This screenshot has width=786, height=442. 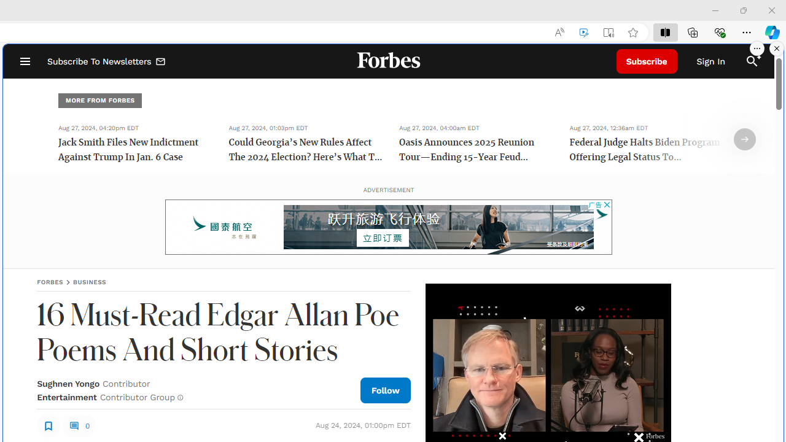 I want to click on 'Class: fs-icon fs-icon--comment', so click(x=73, y=425).